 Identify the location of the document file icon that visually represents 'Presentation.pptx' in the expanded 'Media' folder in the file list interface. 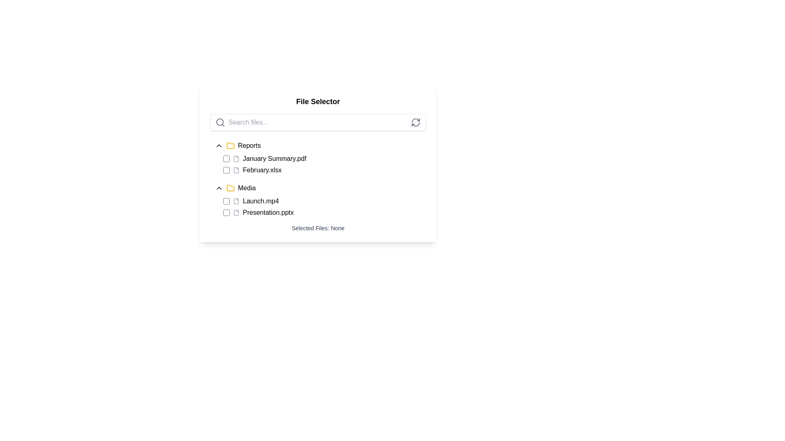
(235, 212).